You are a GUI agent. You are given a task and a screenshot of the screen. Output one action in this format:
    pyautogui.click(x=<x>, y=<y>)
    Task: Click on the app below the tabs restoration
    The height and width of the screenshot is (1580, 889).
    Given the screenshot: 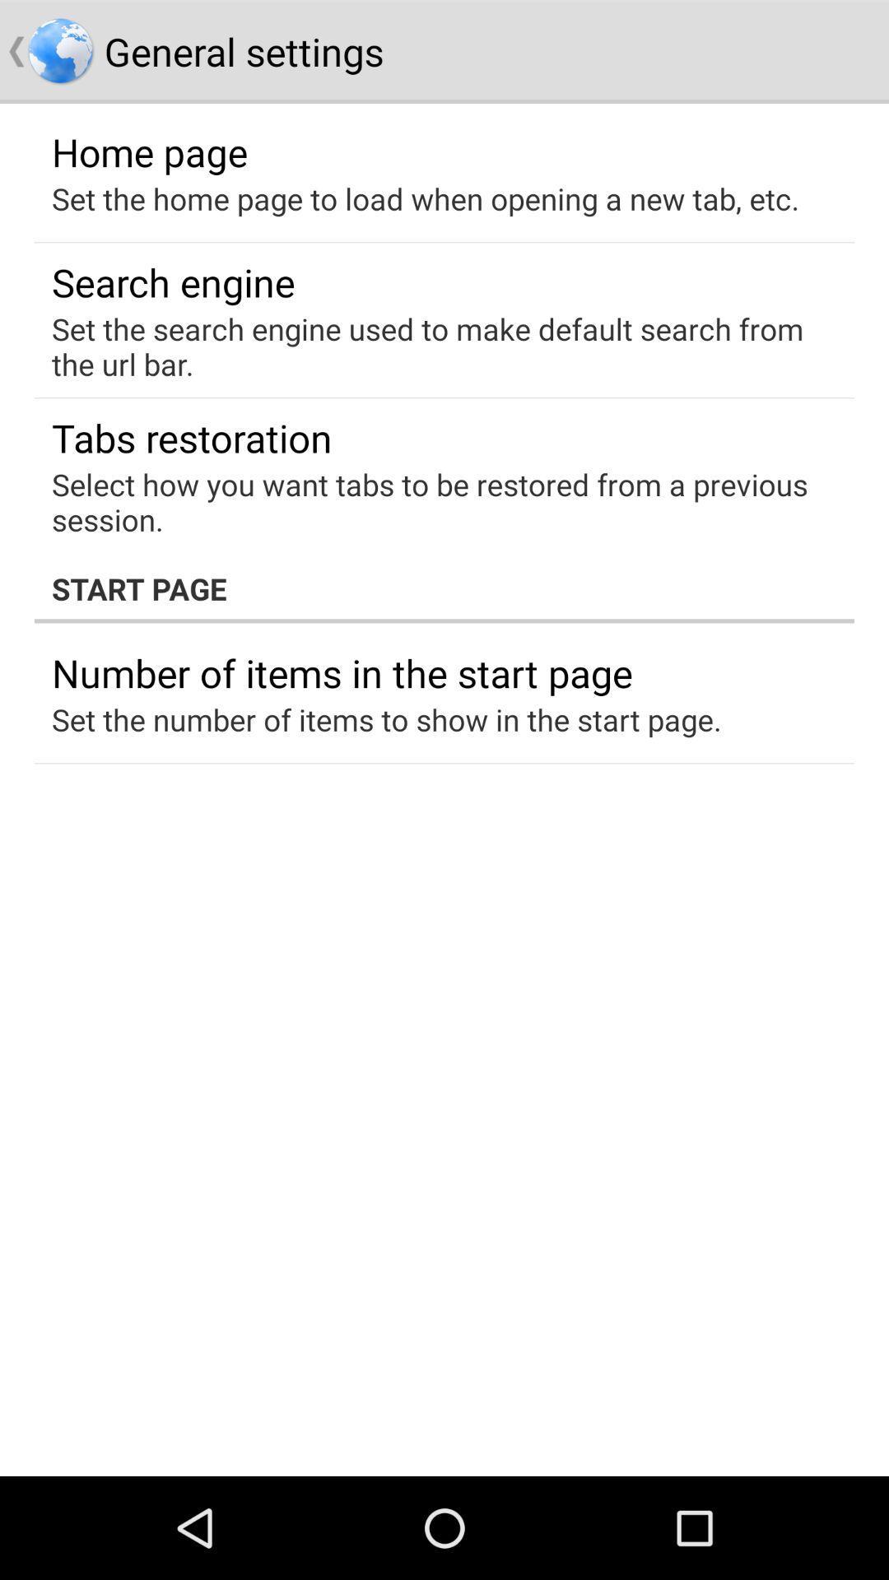 What is the action you would take?
    pyautogui.click(x=432, y=501)
    